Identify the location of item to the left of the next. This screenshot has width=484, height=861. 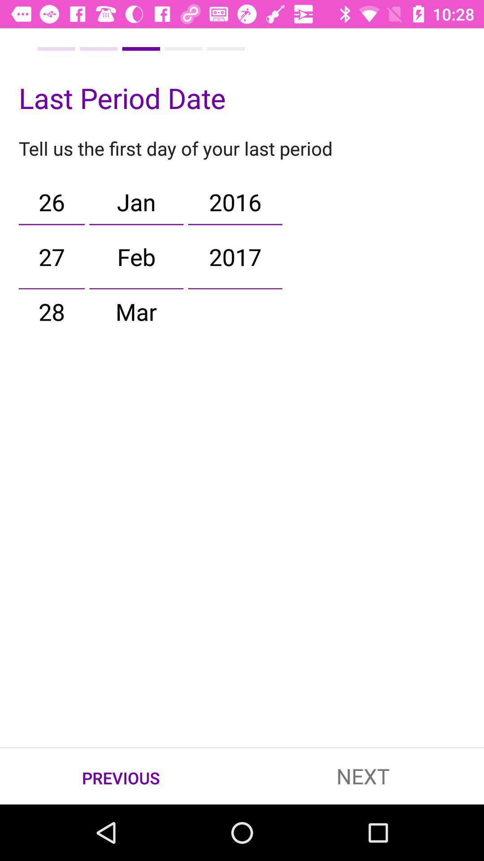
(121, 776).